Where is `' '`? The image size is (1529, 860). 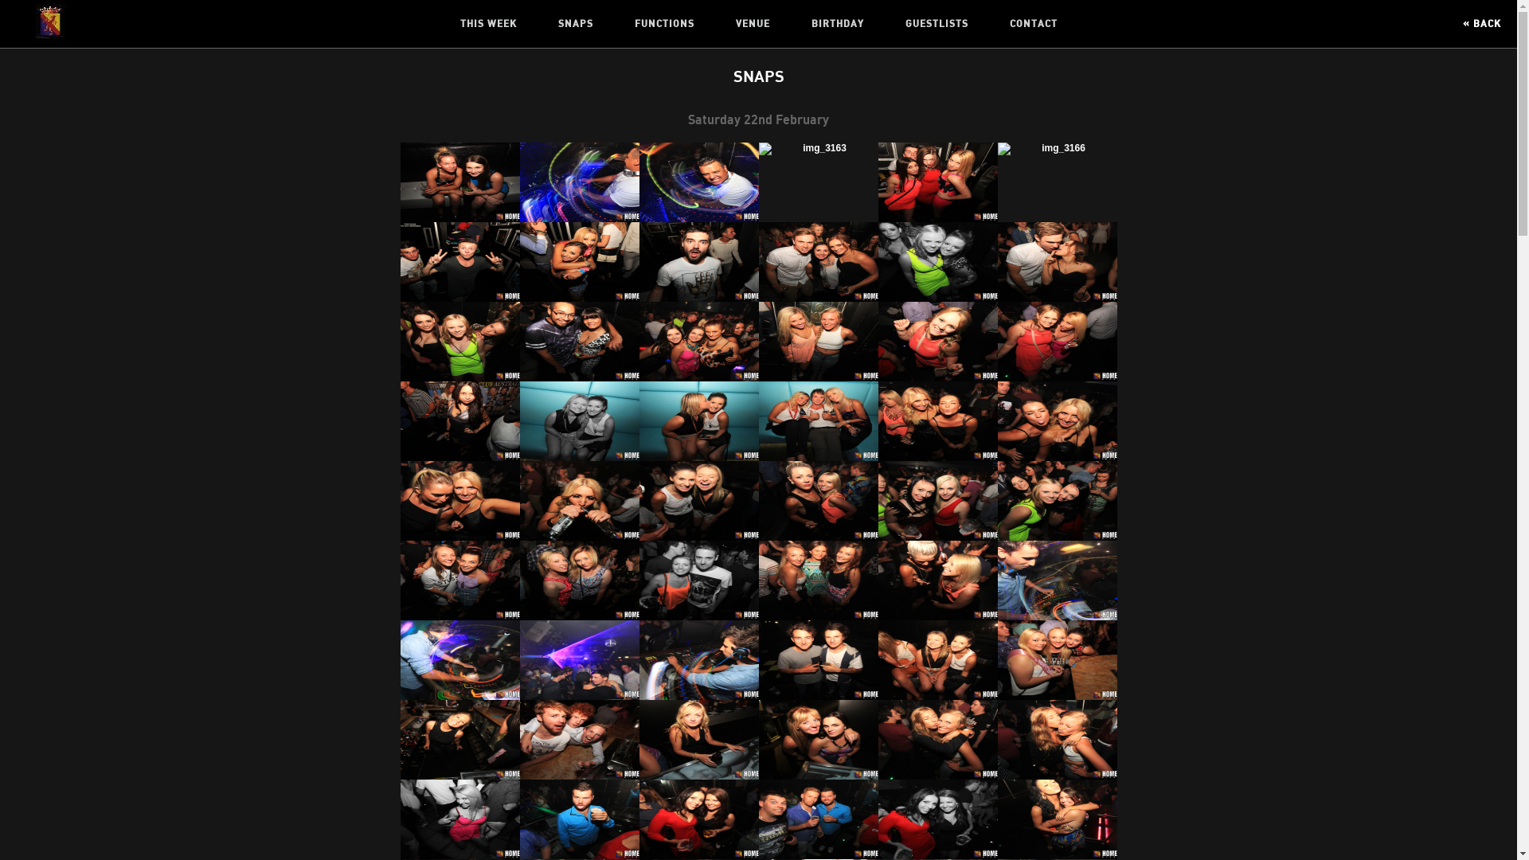 ' ' is located at coordinates (458, 740).